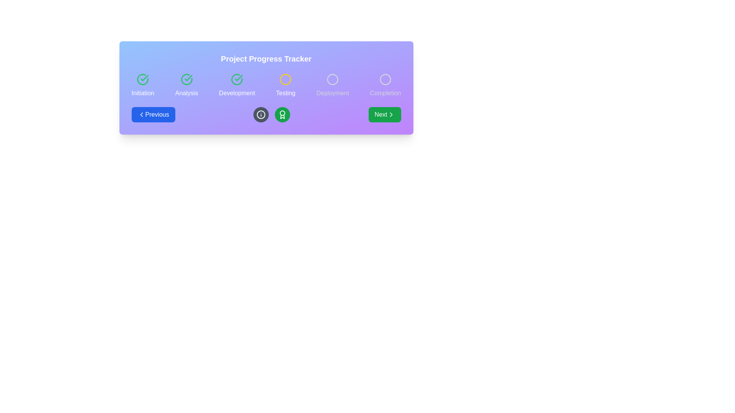 This screenshot has height=413, width=735. Describe the element at coordinates (285, 80) in the screenshot. I see `the fourth circular progress marker in the 'Testing' section of the progress tracker` at that location.